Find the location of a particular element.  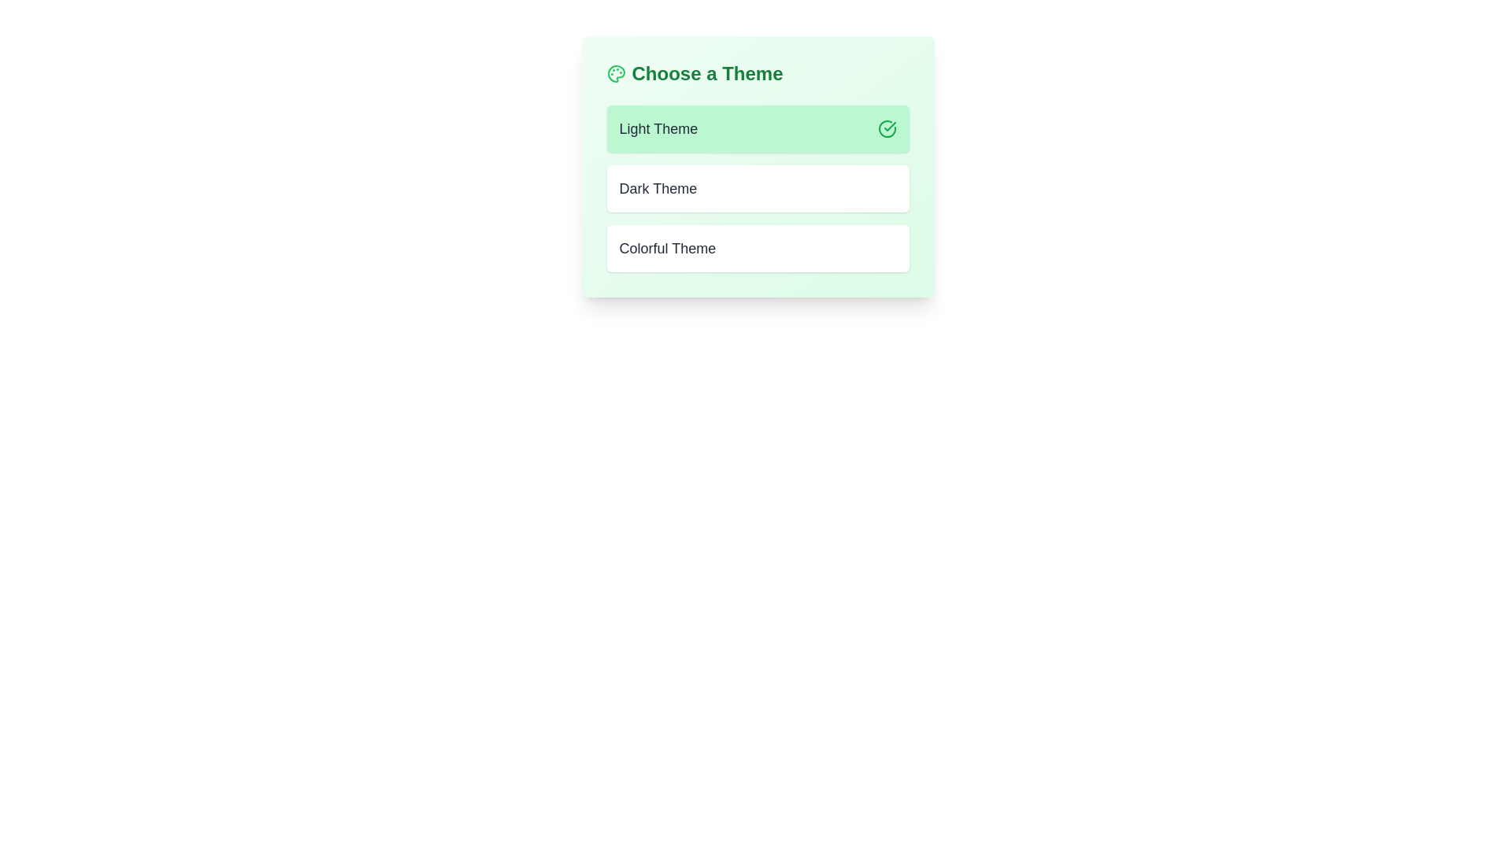

the Dark Theme label text element, which is located in the middle section of the theme selection interface, positioned between the Light Theme and Colorful Theme options is located at coordinates (658, 187).